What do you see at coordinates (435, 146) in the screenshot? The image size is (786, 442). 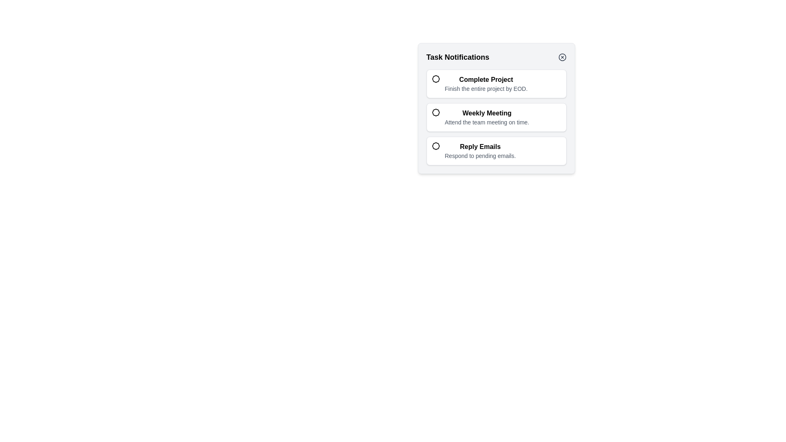 I see `the priority indicator icon located in the third notification item associated with the 'Reply Emails' task` at bounding box center [435, 146].